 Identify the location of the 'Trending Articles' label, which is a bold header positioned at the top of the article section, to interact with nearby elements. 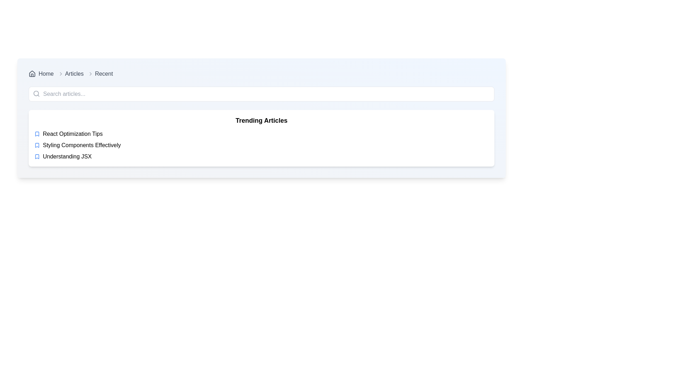
(261, 120).